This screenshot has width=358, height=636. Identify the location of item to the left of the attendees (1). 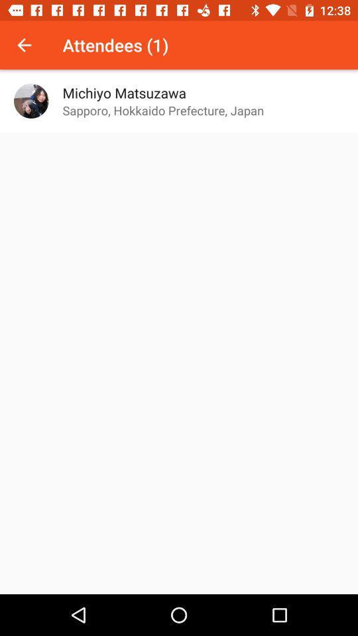
(24, 45).